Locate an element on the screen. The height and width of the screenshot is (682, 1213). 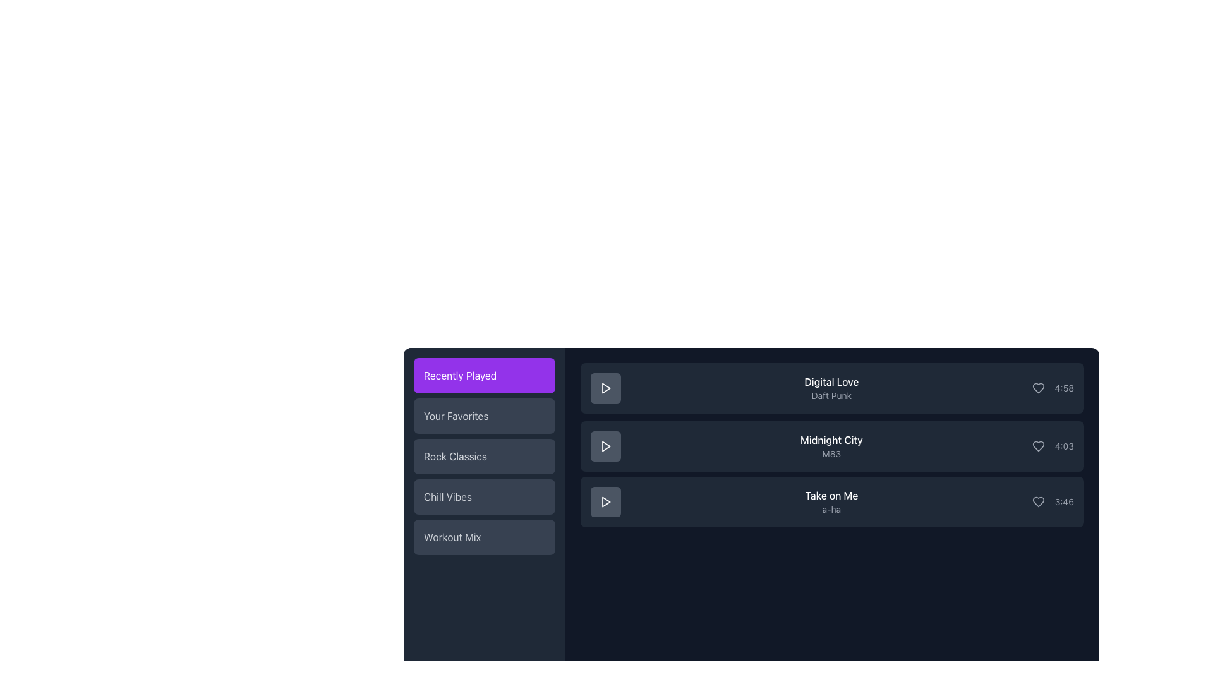
the text label representing the artist name for the corresponding music track, positioned below the 'Digital Love' text in the top-right region of the list area is located at coordinates (831, 395).